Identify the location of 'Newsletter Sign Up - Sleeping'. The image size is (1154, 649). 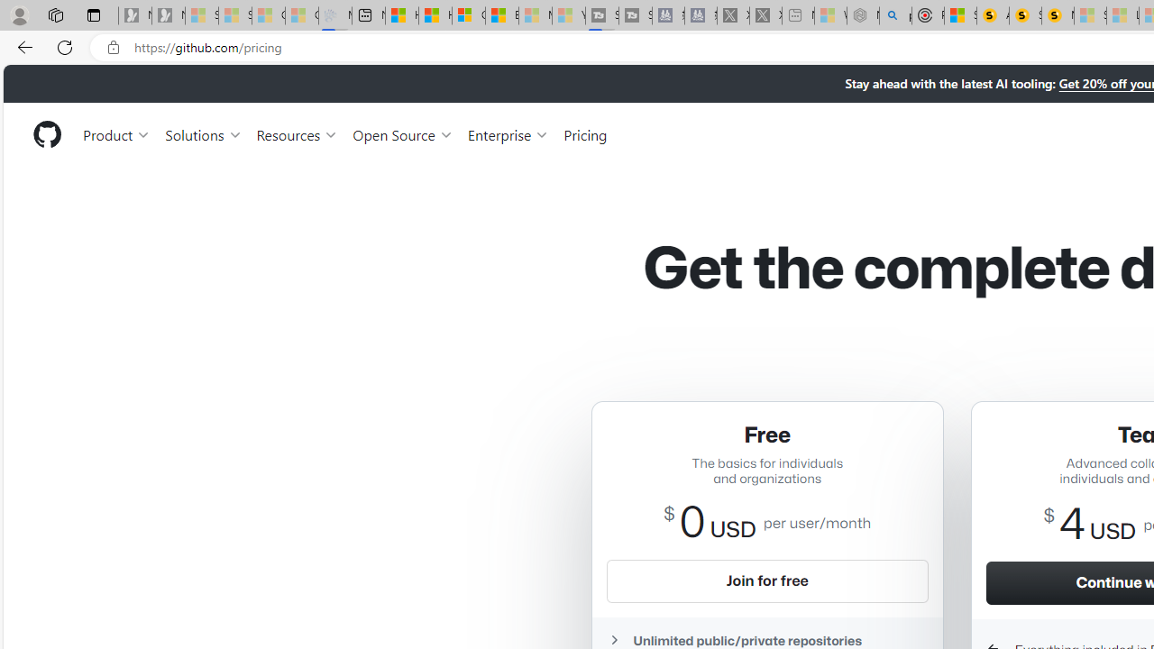
(168, 15).